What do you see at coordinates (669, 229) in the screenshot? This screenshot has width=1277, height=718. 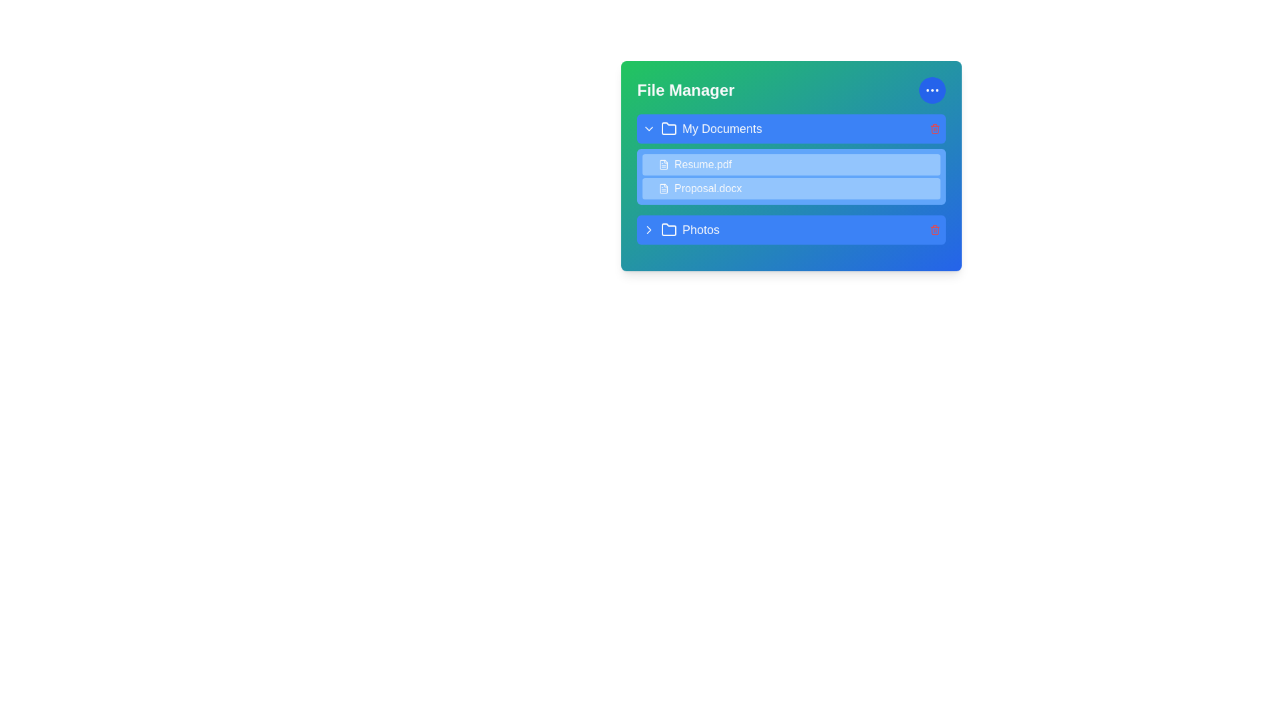 I see `the blue folder icon located to the left of the 'Photos' text` at bounding box center [669, 229].